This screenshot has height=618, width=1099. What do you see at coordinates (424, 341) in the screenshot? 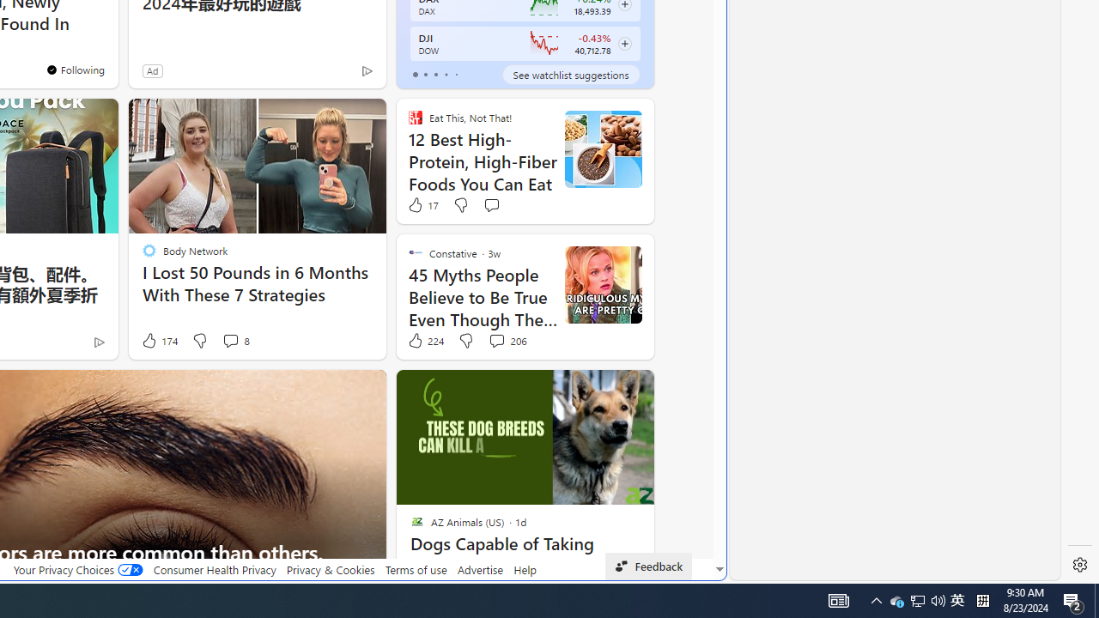
I see `'224 Like'` at bounding box center [424, 341].